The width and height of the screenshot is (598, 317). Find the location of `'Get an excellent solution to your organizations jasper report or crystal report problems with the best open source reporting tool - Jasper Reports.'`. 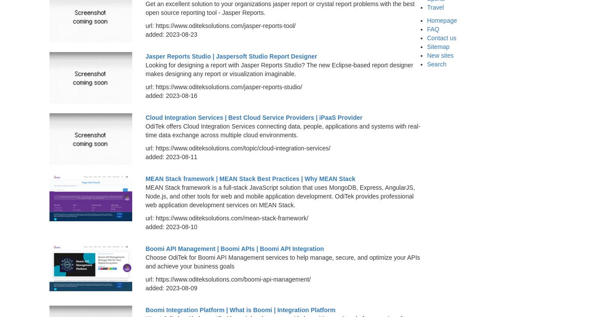

'Get an excellent solution to your organizations jasper report or crystal report problems with the best open source reporting tool - Jasper Reports.' is located at coordinates (145, 8).